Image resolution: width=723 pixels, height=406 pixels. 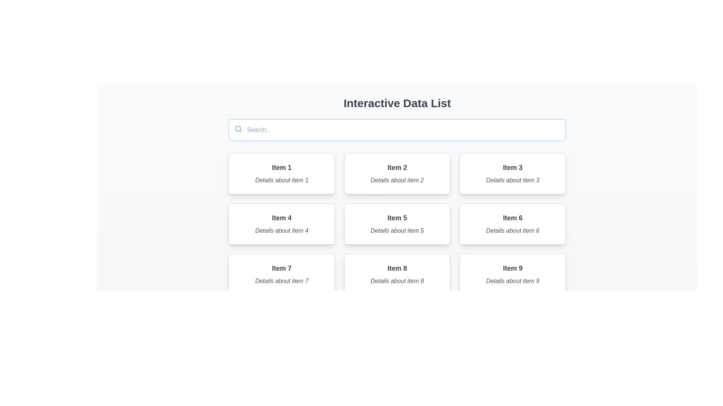 What do you see at coordinates (238, 129) in the screenshot?
I see `the style and function of the magnifying glass icon located in the top-left corner of the input field, which symbolizes the search function` at bounding box center [238, 129].